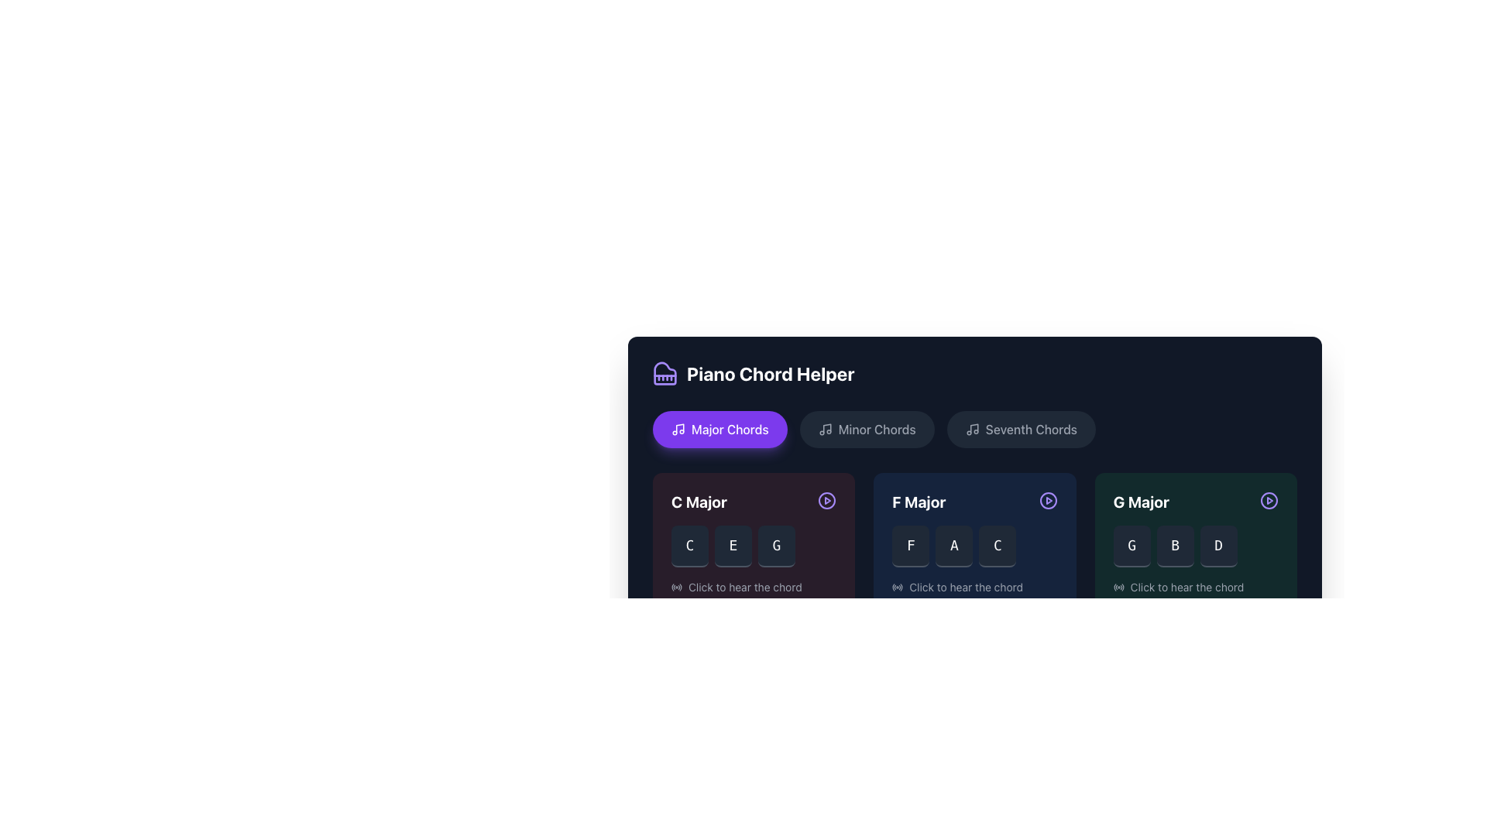  What do you see at coordinates (1118, 588) in the screenshot?
I see `the auditory functionality icon located at the beginning of the section containing the text 'Click to hear the chord'` at bounding box center [1118, 588].